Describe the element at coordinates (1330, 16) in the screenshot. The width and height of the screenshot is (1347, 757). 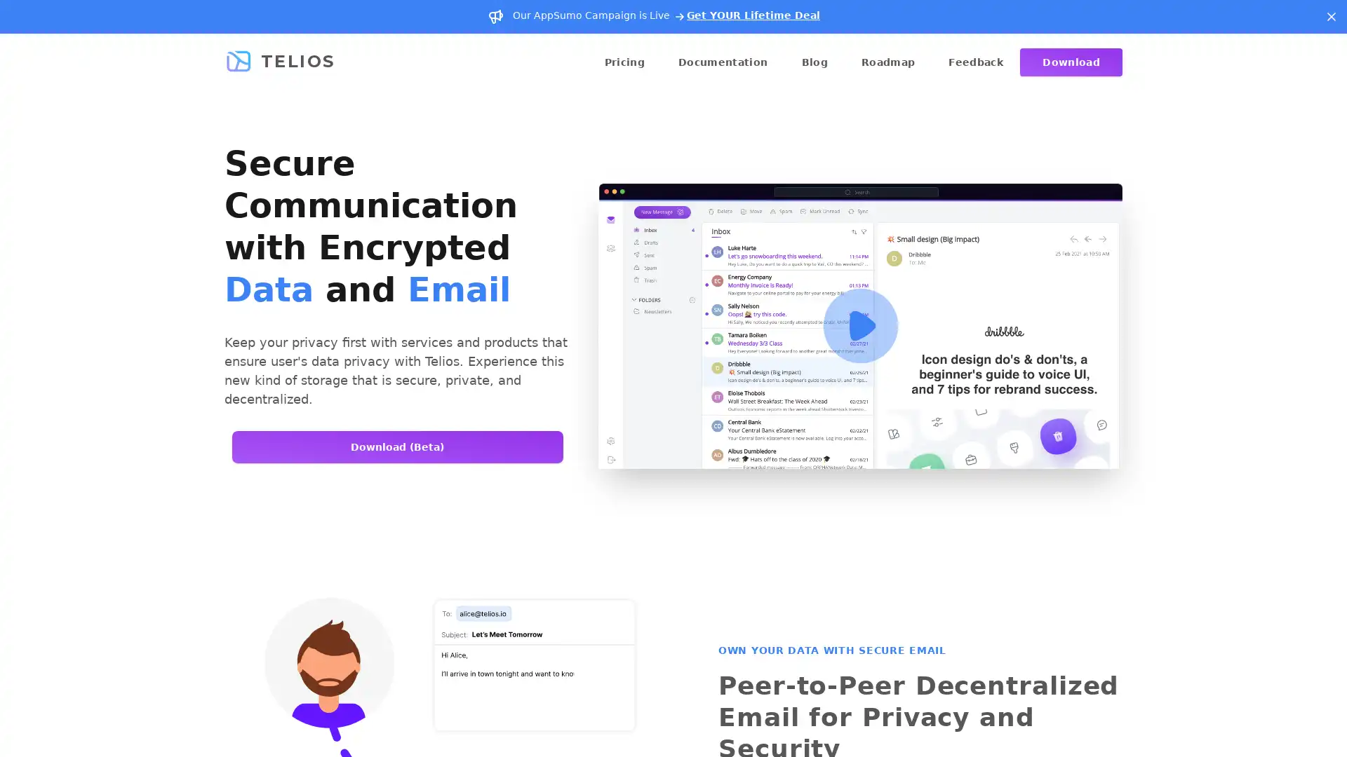
I see `Dismiss` at that location.